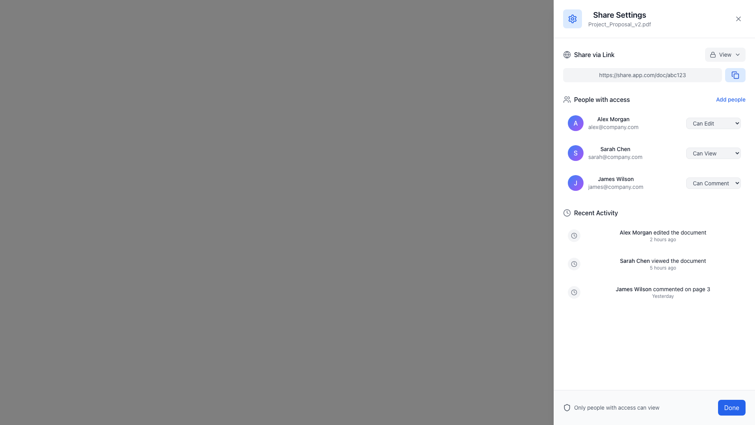 Image resolution: width=755 pixels, height=425 pixels. What do you see at coordinates (735, 75) in the screenshot?
I see `the copy link icon located at the top-right corner of the blue rounded rectangular button adjacent to the text input field` at bounding box center [735, 75].